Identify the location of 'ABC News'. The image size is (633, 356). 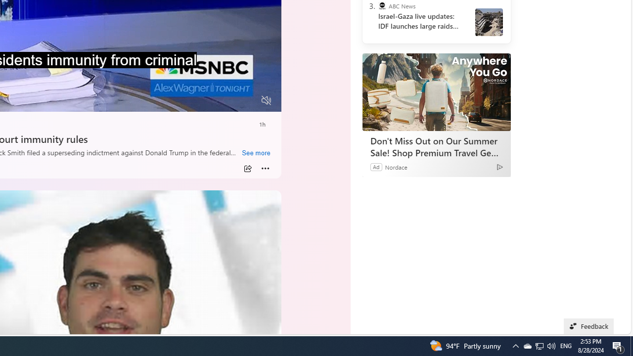
(382, 6).